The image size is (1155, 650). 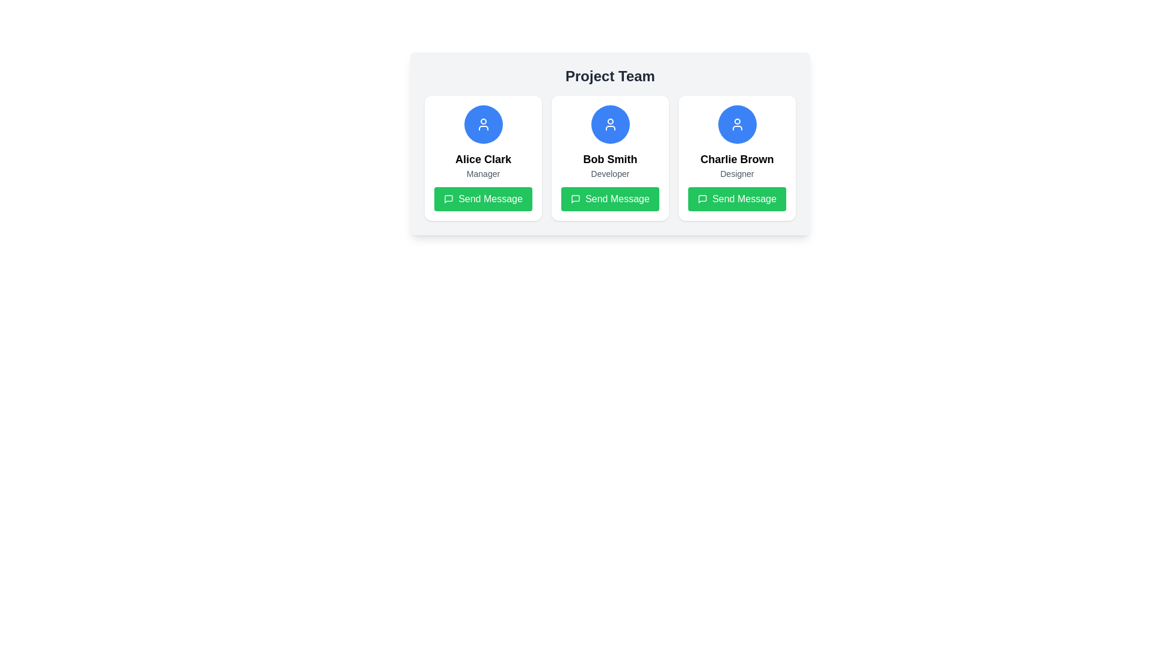 I want to click on the text label displaying the name and role ('Manager') of the person, which is located within the first card of a three-card layout, above the green 'Send Message' button, so click(x=483, y=165).